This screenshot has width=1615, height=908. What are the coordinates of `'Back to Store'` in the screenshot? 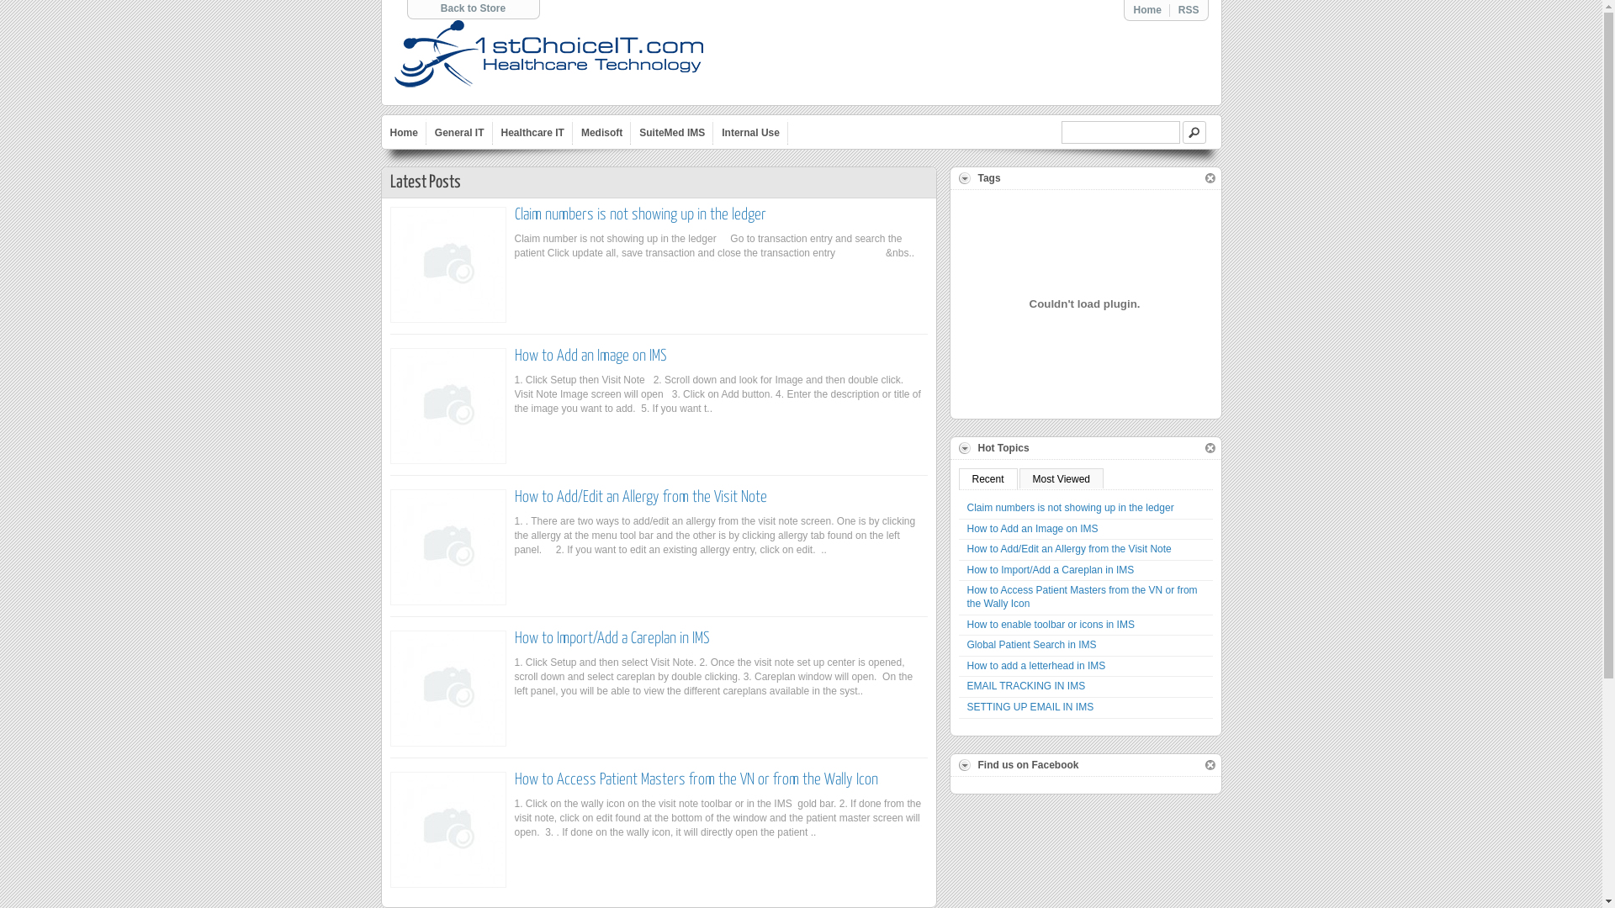 It's located at (472, 8).